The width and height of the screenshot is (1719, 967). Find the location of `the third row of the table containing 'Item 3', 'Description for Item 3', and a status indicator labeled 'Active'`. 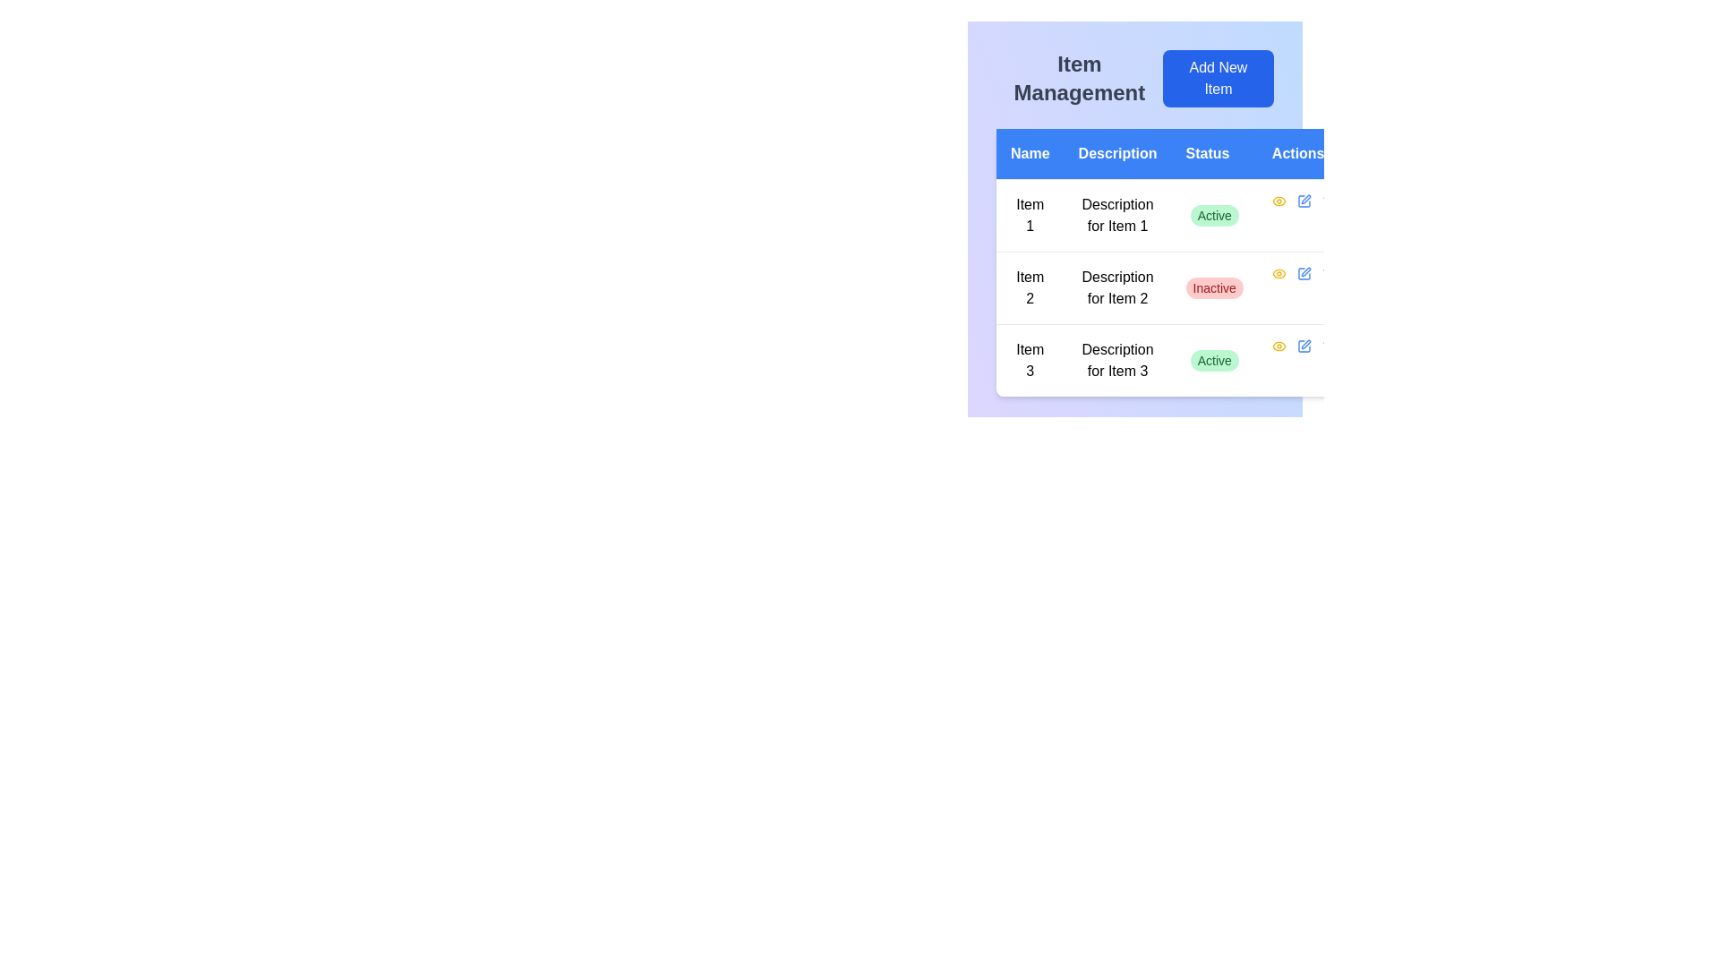

the third row of the table containing 'Item 3', 'Description for Item 3', and a status indicator labeled 'Active' is located at coordinates (1173, 360).